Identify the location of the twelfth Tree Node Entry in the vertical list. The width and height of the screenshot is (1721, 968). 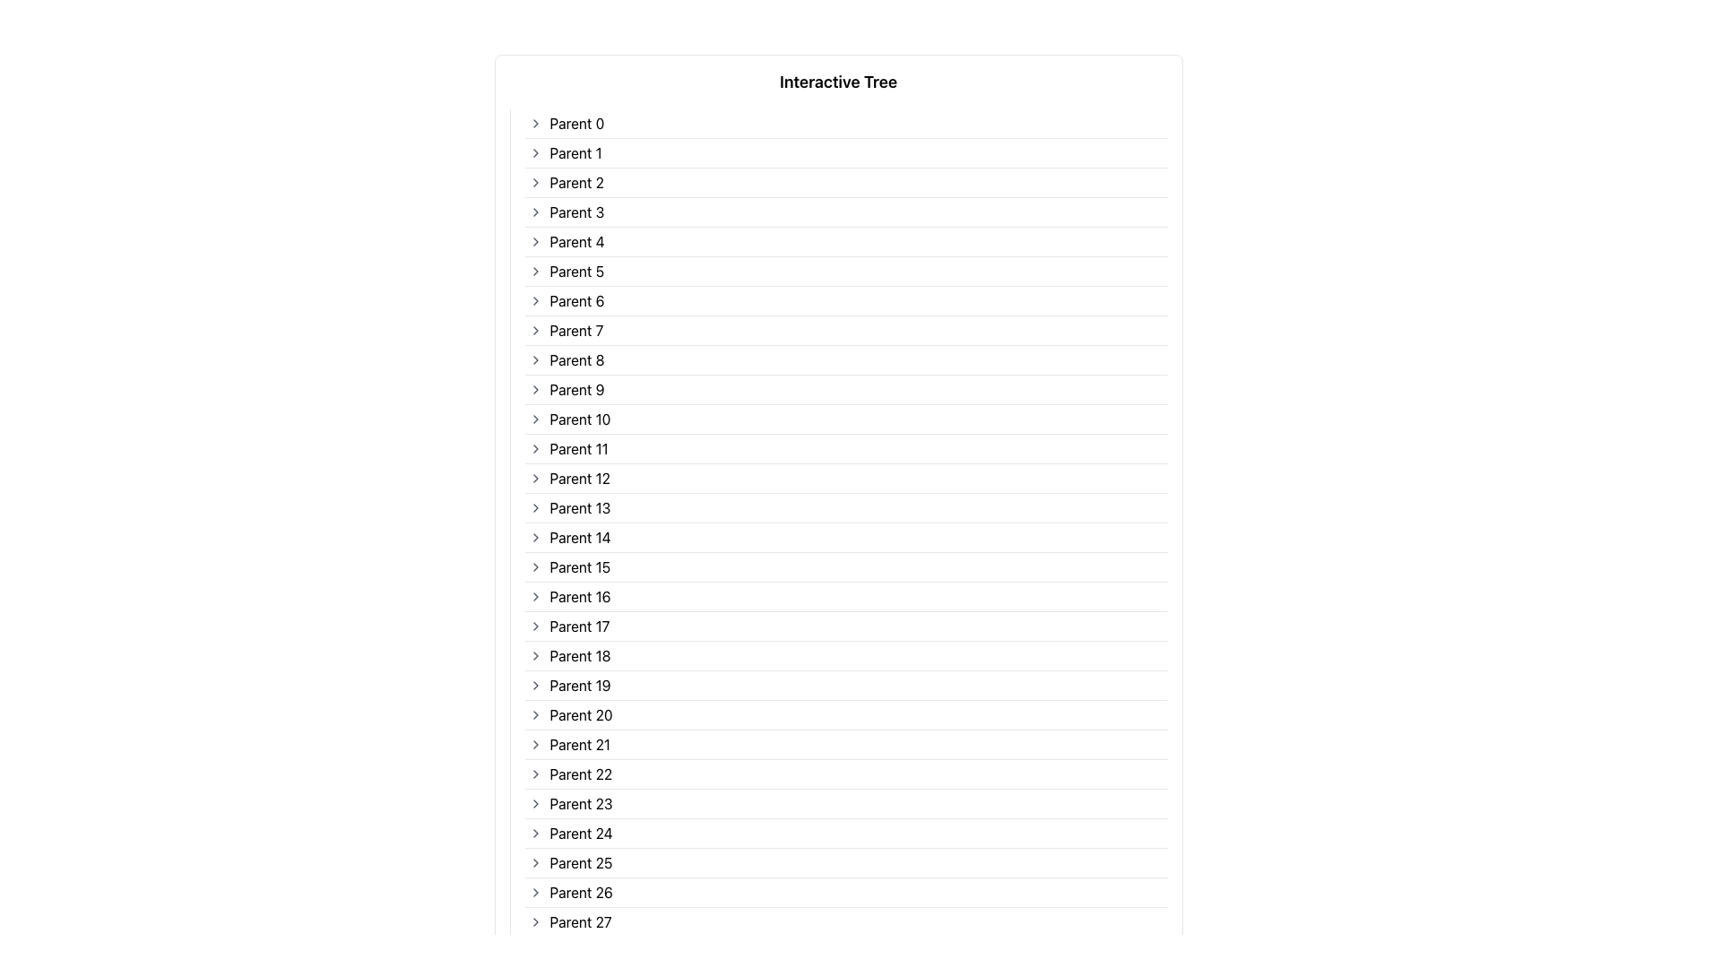
(845, 477).